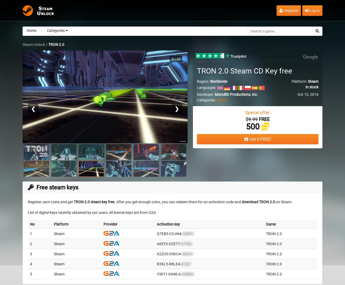 The image size is (345, 285). What do you see at coordinates (169, 233) in the screenshot?
I see `'Q7EB5-C3JW4-'` at bounding box center [169, 233].